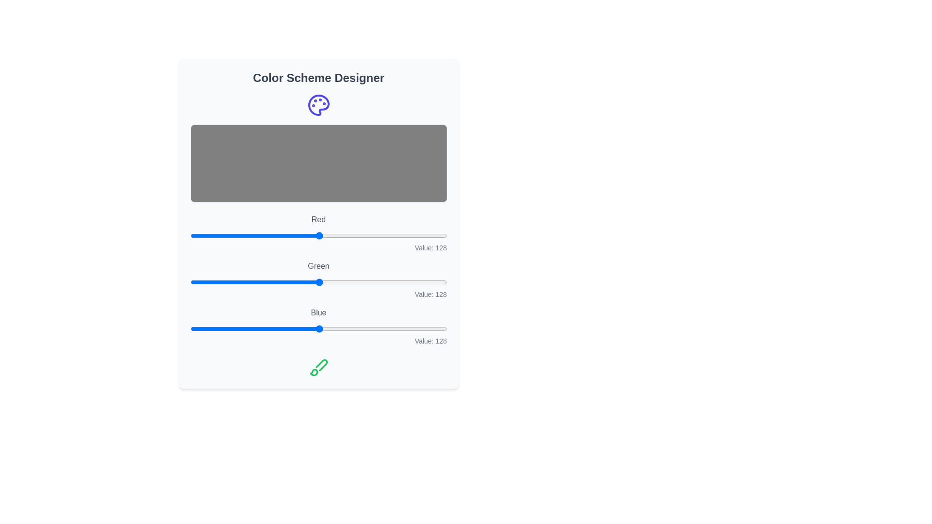 This screenshot has height=524, width=932. What do you see at coordinates (214, 236) in the screenshot?
I see `the red component intensity` at bounding box center [214, 236].